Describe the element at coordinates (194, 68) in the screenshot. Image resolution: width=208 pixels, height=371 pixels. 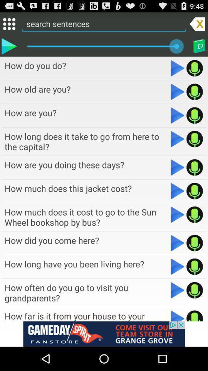
I see `recording option` at that location.